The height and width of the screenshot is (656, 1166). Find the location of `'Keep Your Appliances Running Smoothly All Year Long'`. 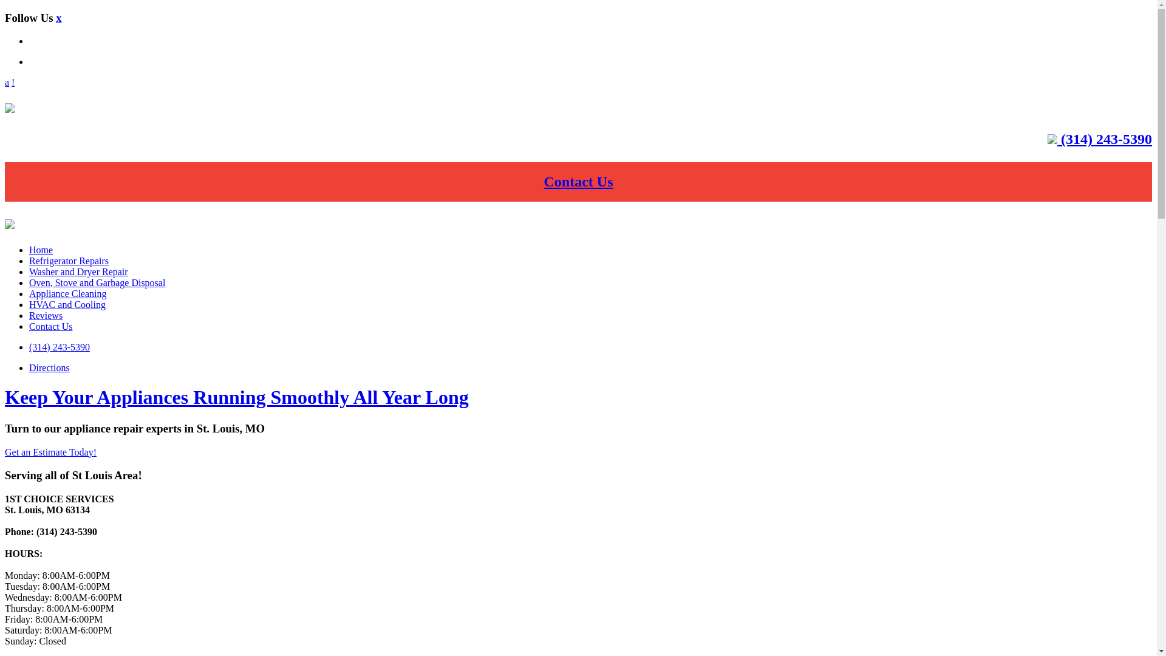

'Keep Your Appliances Running Smoothly All Year Long' is located at coordinates (5, 397).